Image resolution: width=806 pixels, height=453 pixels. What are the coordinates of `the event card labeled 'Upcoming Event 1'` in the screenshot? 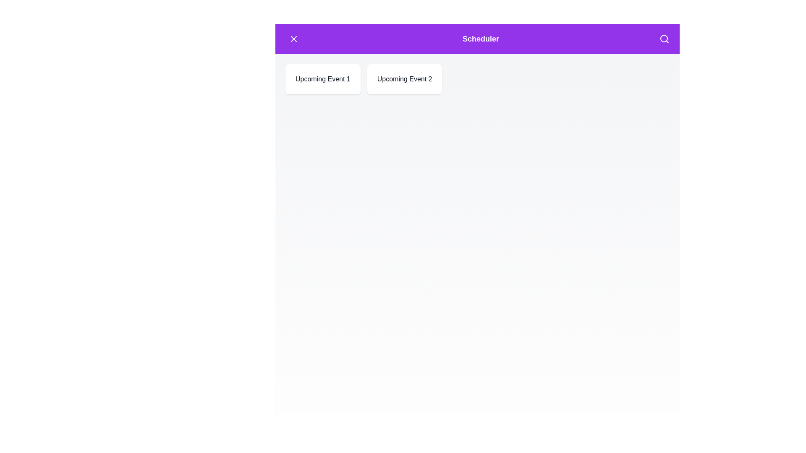 It's located at (322, 79).